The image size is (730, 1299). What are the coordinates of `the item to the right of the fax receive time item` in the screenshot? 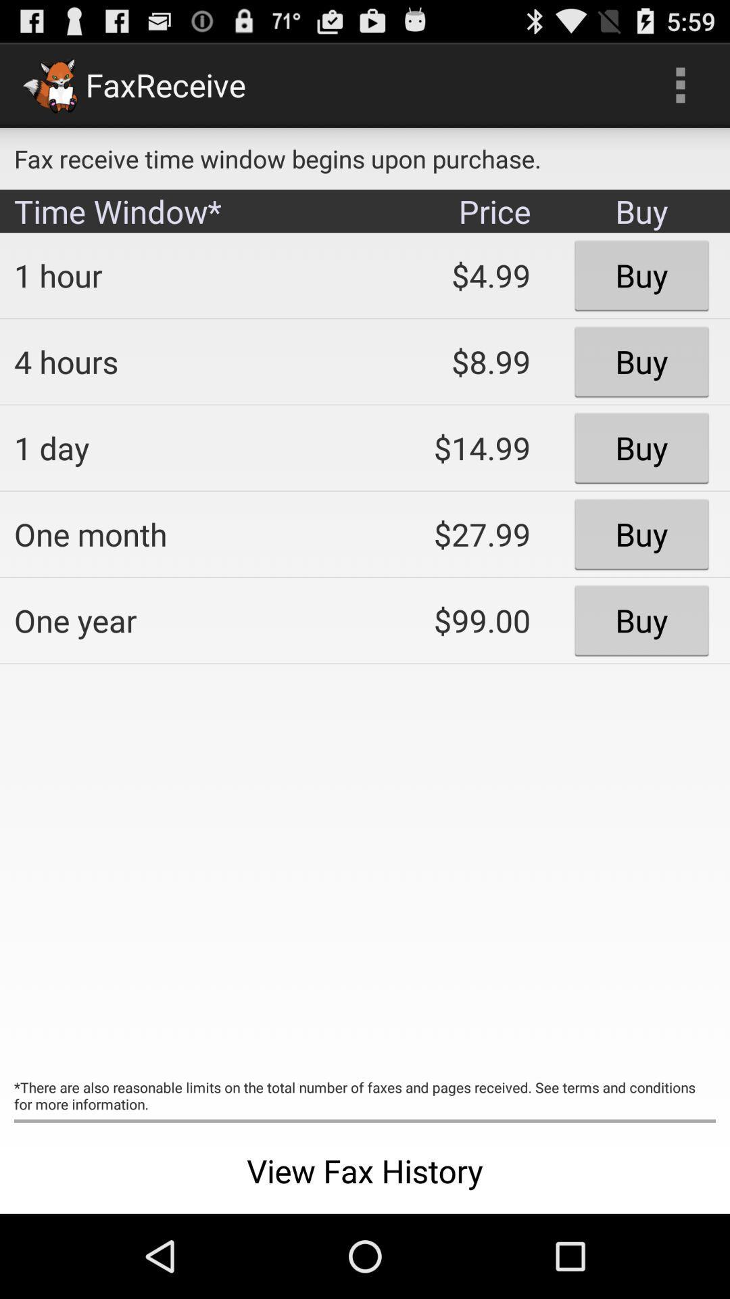 It's located at (680, 84).